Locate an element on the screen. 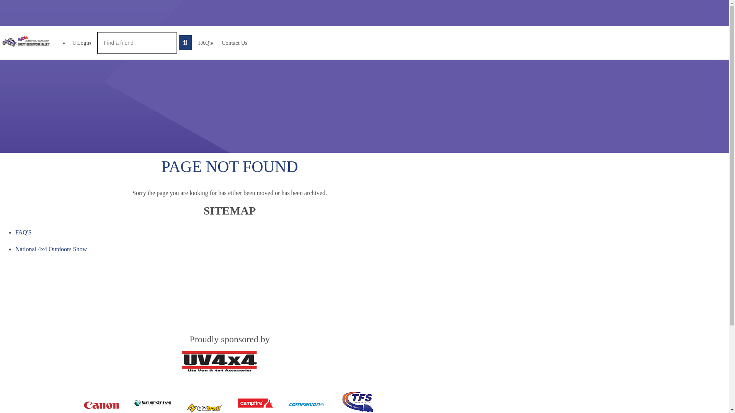 This screenshot has width=735, height=413. 'Login' is located at coordinates (82, 42).